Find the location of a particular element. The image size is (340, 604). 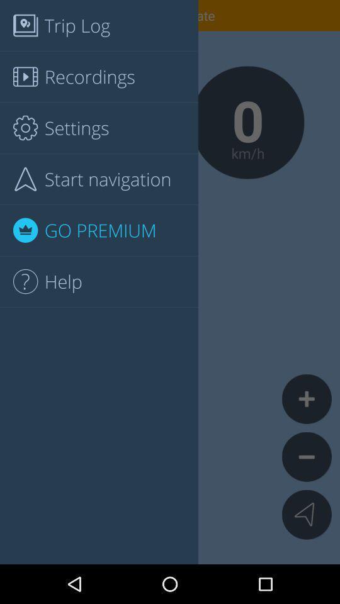

the navigation icon is located at coordinates (306, 515).